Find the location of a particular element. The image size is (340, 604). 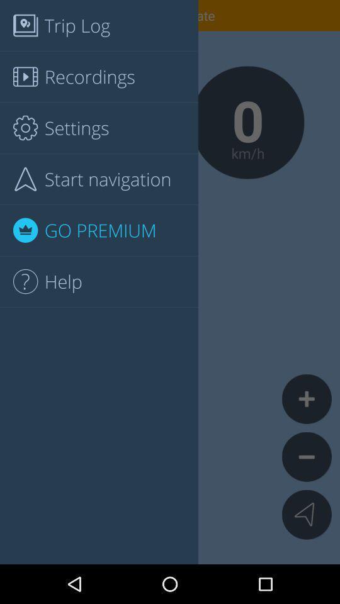

the navigation icon is located at coordinates (306, 515).